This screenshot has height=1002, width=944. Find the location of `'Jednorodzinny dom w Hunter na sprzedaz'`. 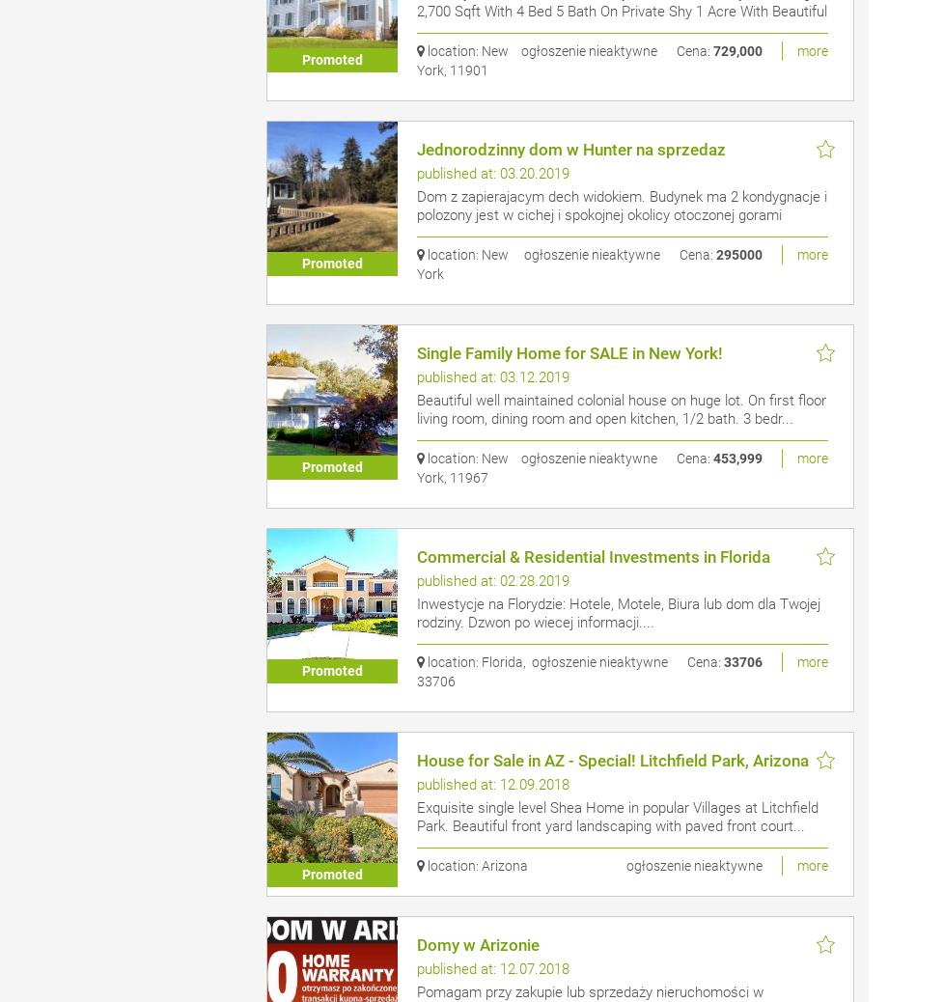

'Jednorodzinny dom w Hunter na sprzedaz' is located at coordinates (570, 148).